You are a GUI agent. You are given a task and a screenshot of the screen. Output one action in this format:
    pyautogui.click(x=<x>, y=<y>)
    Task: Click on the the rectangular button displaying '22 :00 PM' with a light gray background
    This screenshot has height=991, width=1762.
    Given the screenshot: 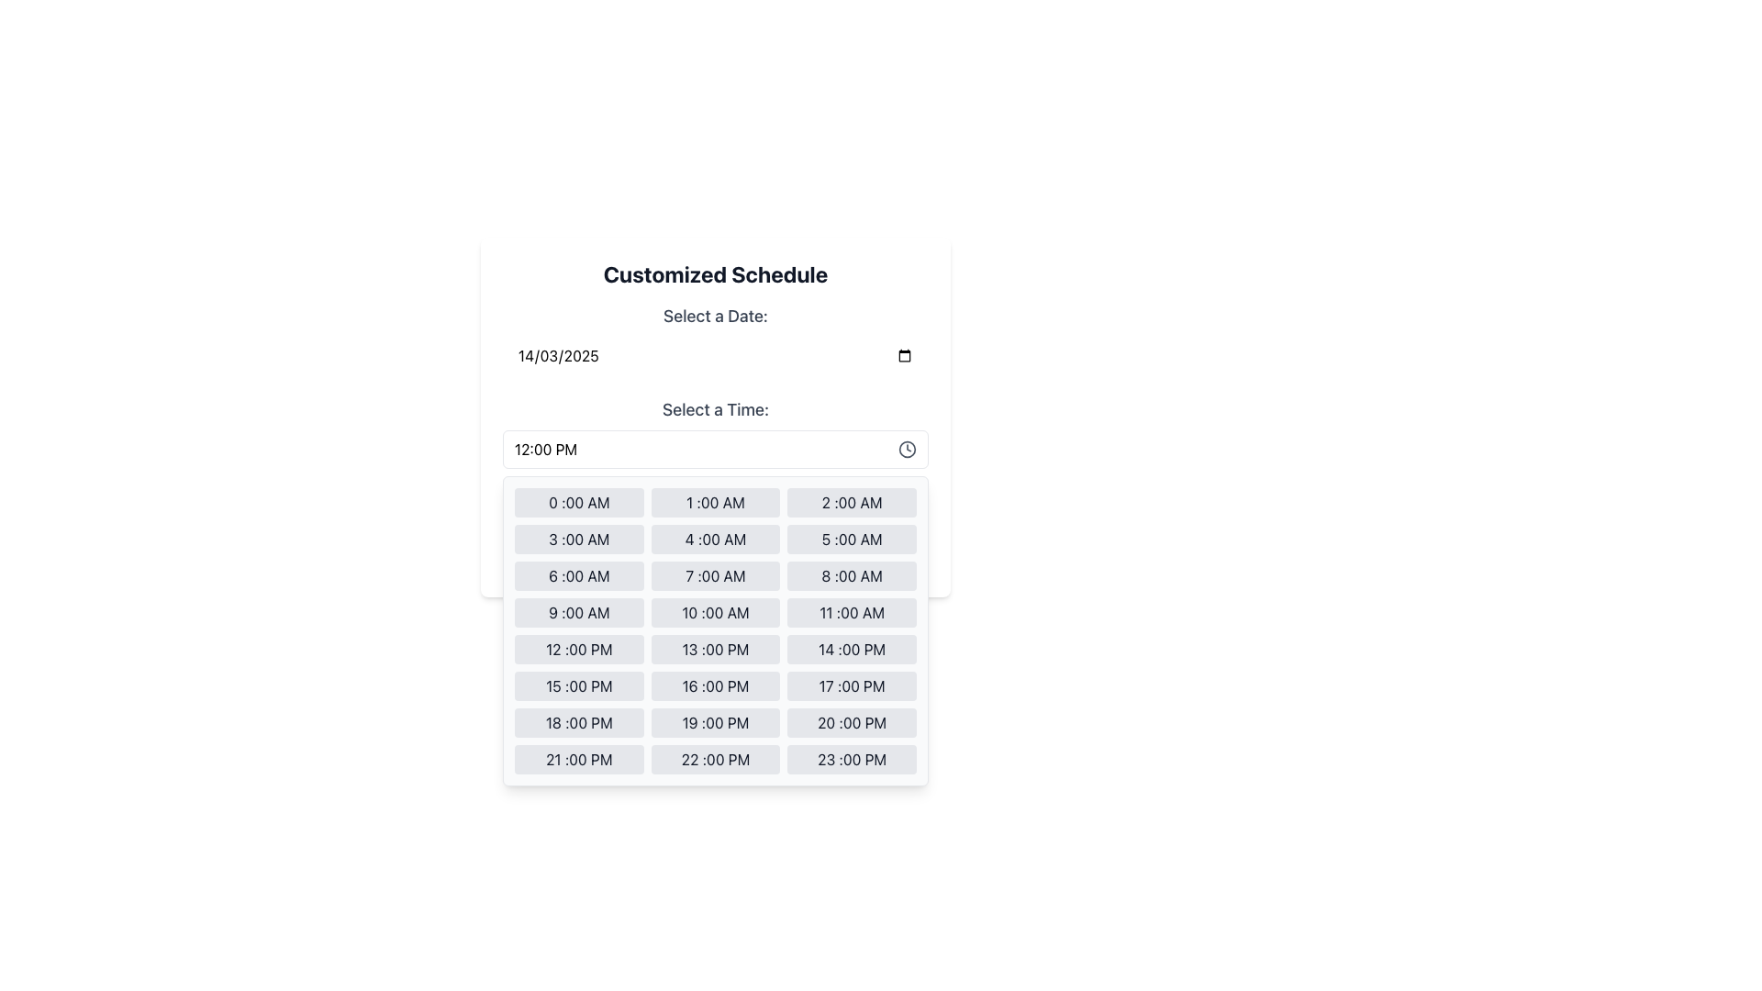 What is the action you would take?
    pyautogui.click(x=714, y=760)
    